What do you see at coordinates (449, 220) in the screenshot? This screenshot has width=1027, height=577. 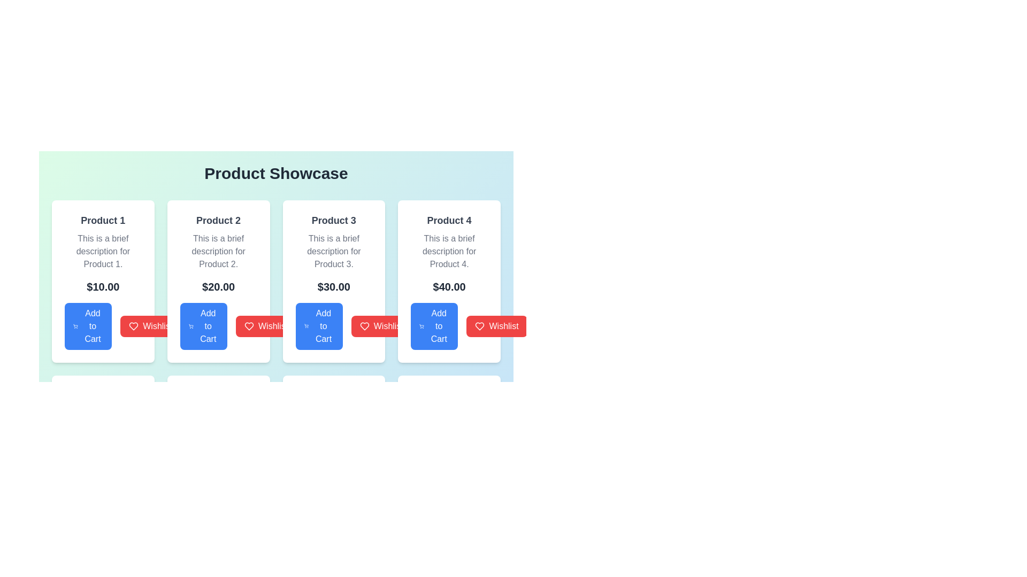 I see `the bolded text label displaying 'Product 4' which is centered above the descriptive block in the rightmost card of the product showcase` at bounding box center [449, 220].